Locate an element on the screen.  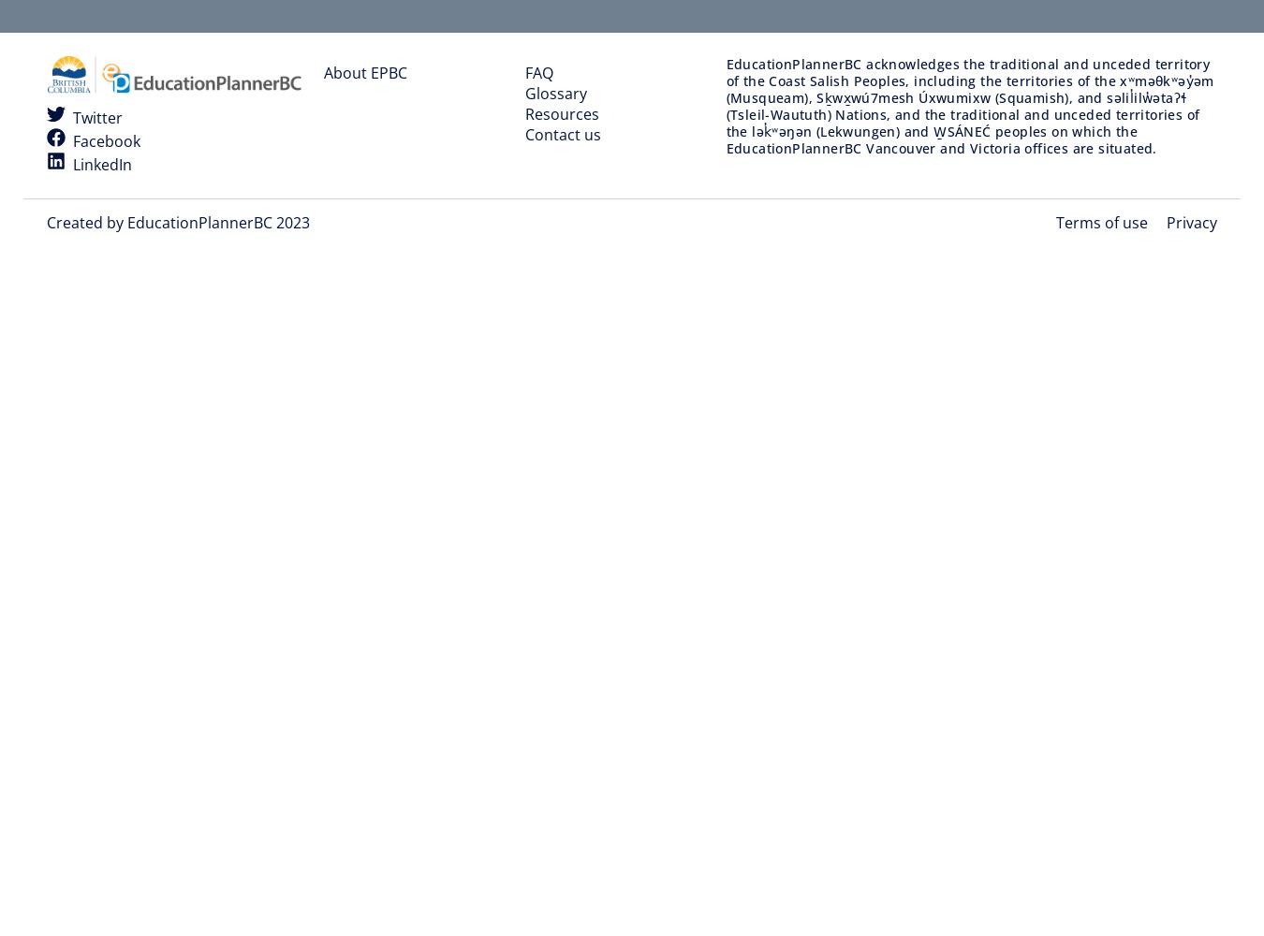
'Glossary' is located at coordinates (555, 92).